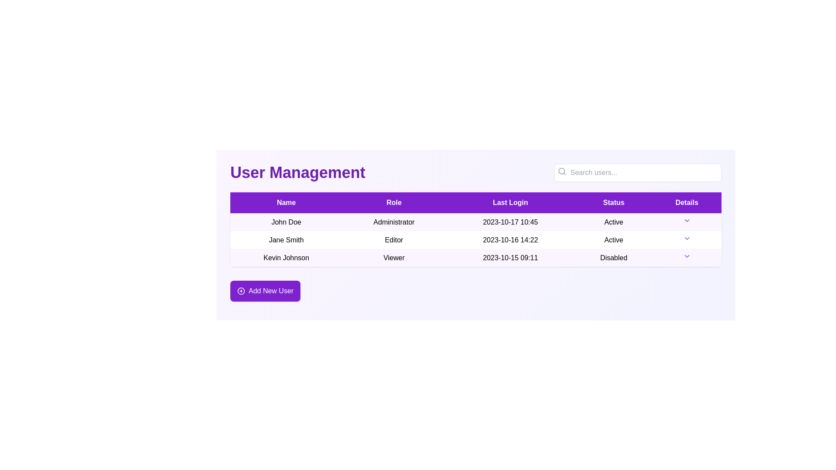 Image resolution: width=836 pixels, height=470 pixels. Describe the element at coordinates (393, 240) in the screenshot. I see `the 'Editor' role information text for user 'Jane Smith' in the user management system, located in the second column of the second row under the 'Role' column` at that location.